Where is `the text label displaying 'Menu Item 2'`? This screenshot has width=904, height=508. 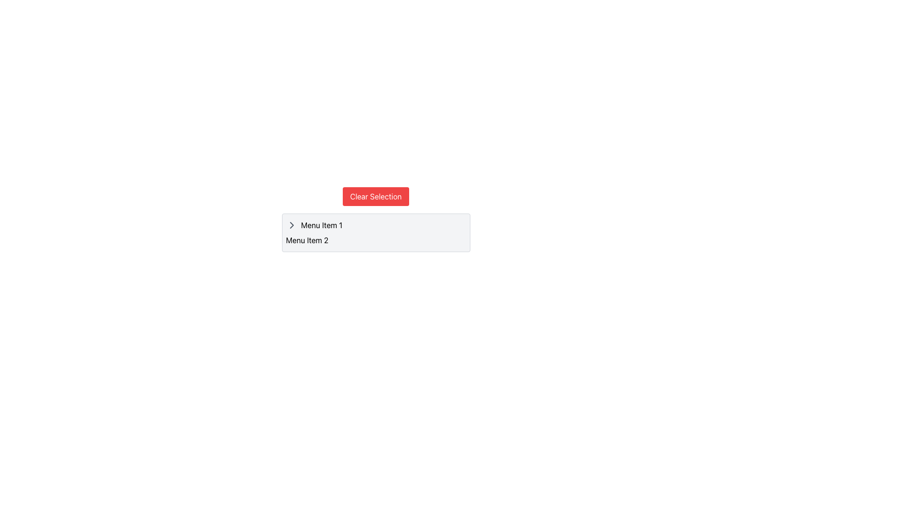 the text label displaying 'Menu Item 2' is located at coordinates (307, 239).